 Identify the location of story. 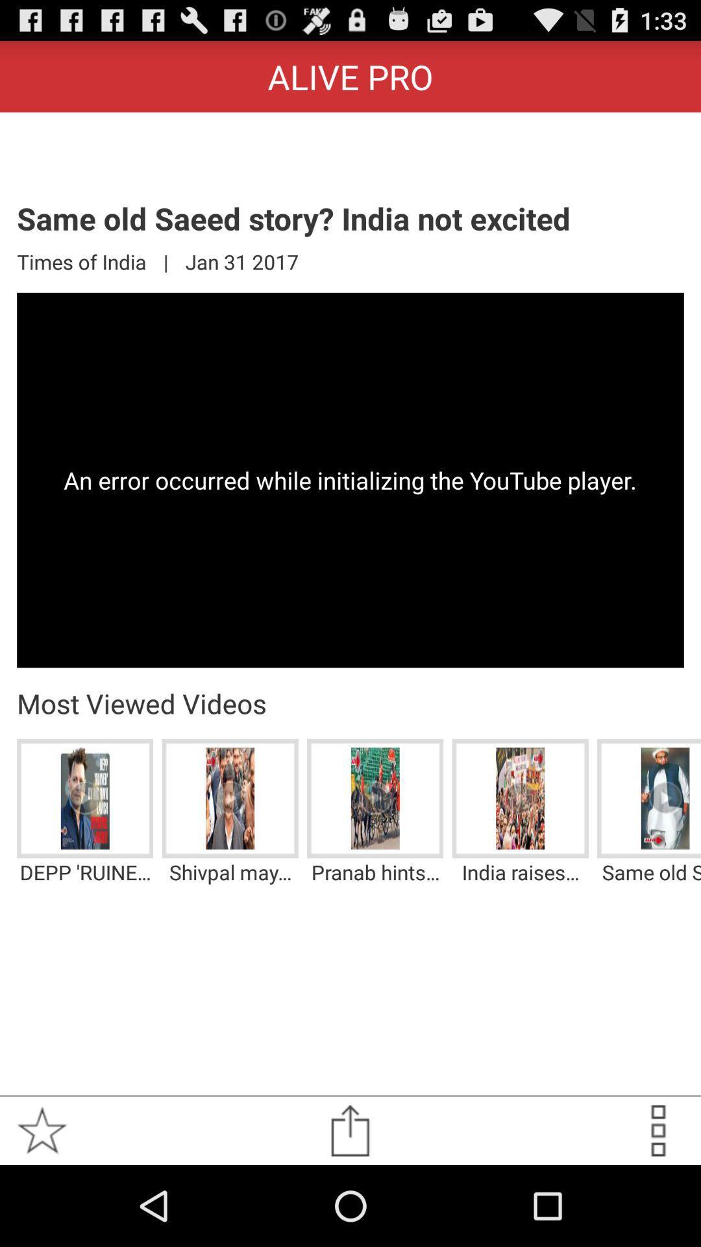
(42, 1130).